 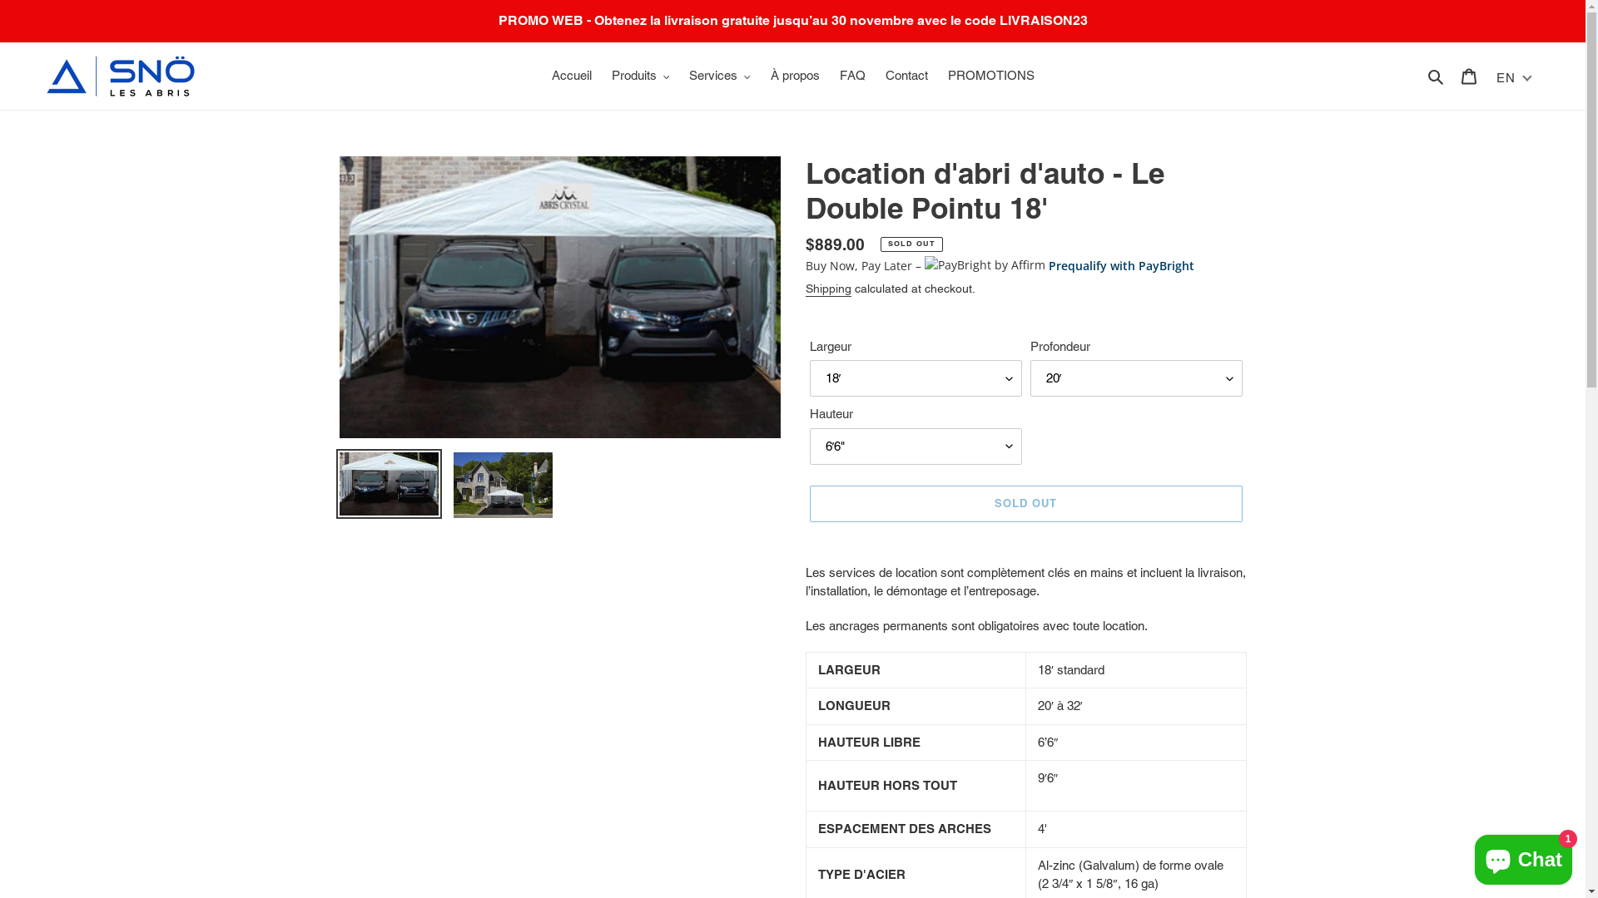 What do you see at coordinates (543, 76) in the screenshot?
I see `'Accueil'` at bounding box center [543, 76].